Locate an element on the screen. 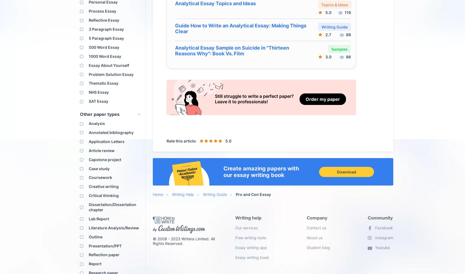 Image resolution: width=465 pixels, height=274 pixels. '5 Paragraph Essay' is located at coordinates (106, 38).